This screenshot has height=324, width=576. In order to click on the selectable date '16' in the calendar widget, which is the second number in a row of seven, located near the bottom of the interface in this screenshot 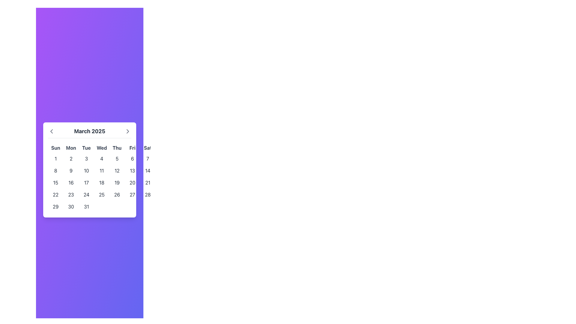, I will do `click(71, 182)`.